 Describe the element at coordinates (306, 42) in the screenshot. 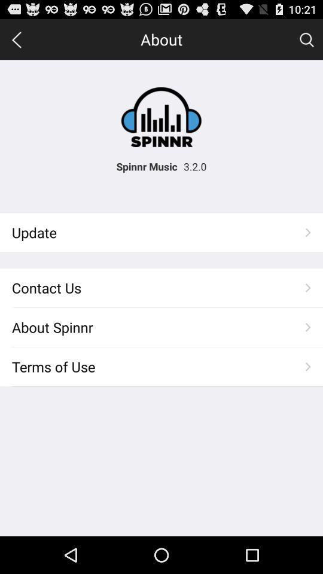

I see `the search icon` at that location.